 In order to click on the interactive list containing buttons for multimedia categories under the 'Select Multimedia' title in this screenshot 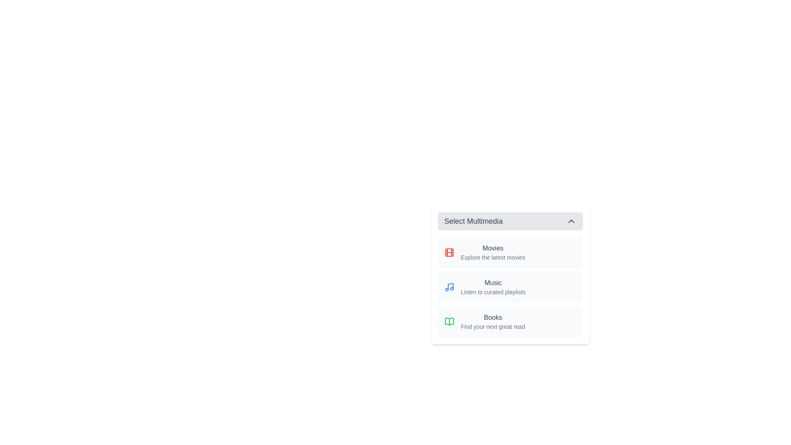, I will do `click(510, 287)`.